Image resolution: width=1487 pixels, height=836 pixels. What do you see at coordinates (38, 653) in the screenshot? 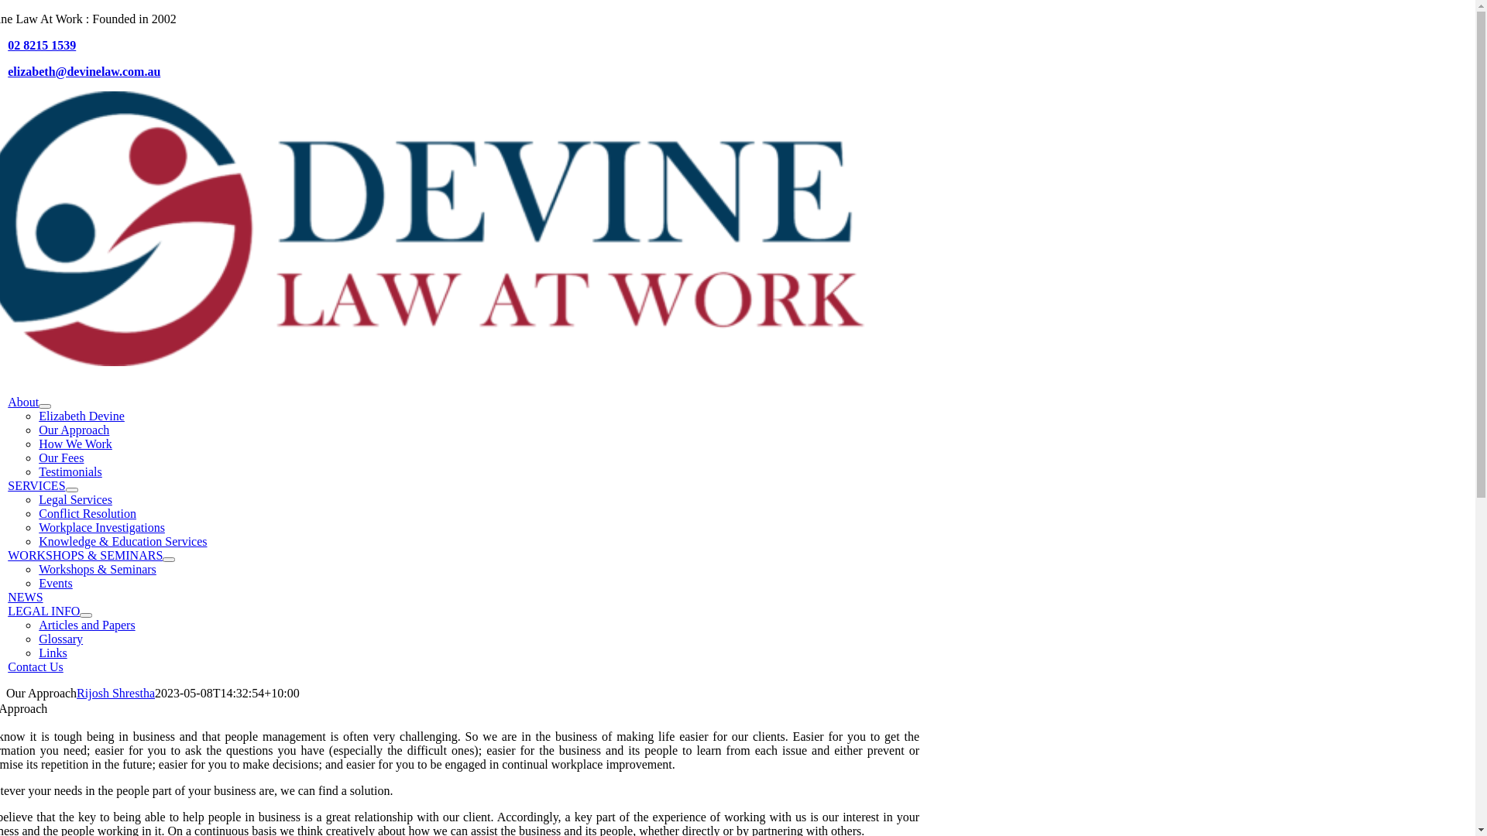
I see `'Links'` at bounding box center [38, 653].